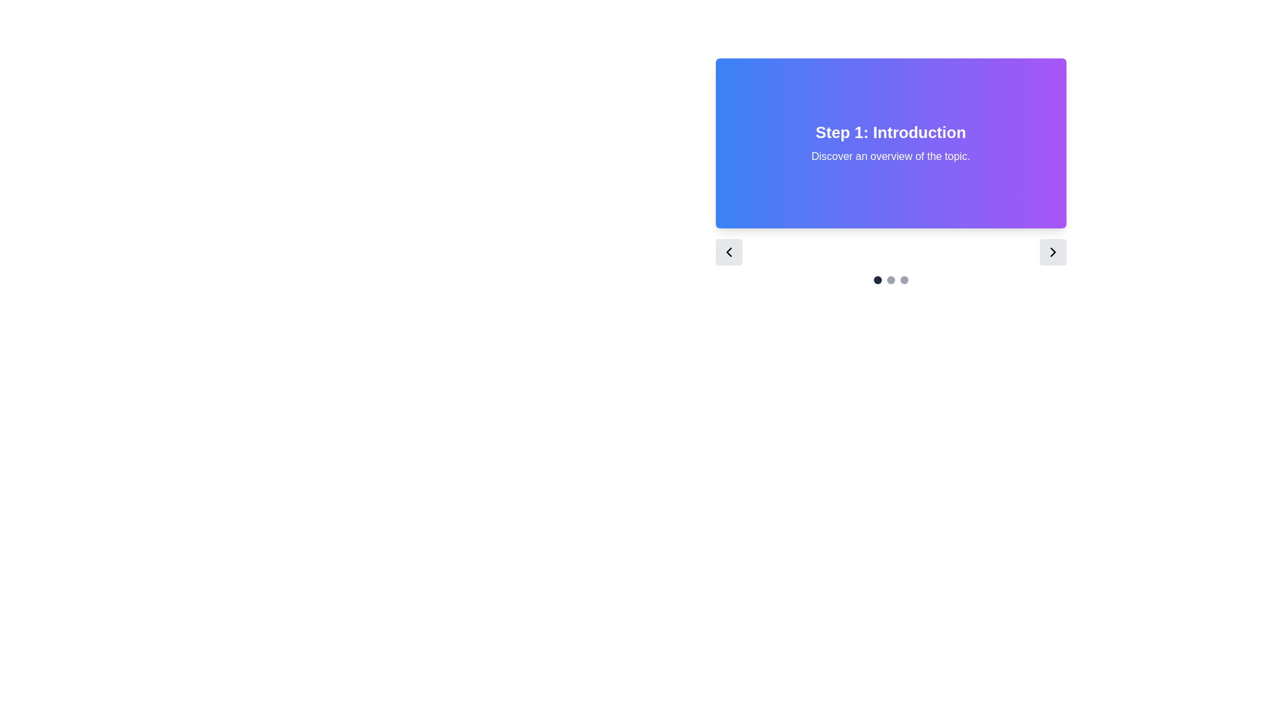  Describe the element at coordinates (728, 252) in the screenshot. I see `the rectangular button with rounded corners that features a leftward-pointing chevron icon to trigger the hover effect` at that location.